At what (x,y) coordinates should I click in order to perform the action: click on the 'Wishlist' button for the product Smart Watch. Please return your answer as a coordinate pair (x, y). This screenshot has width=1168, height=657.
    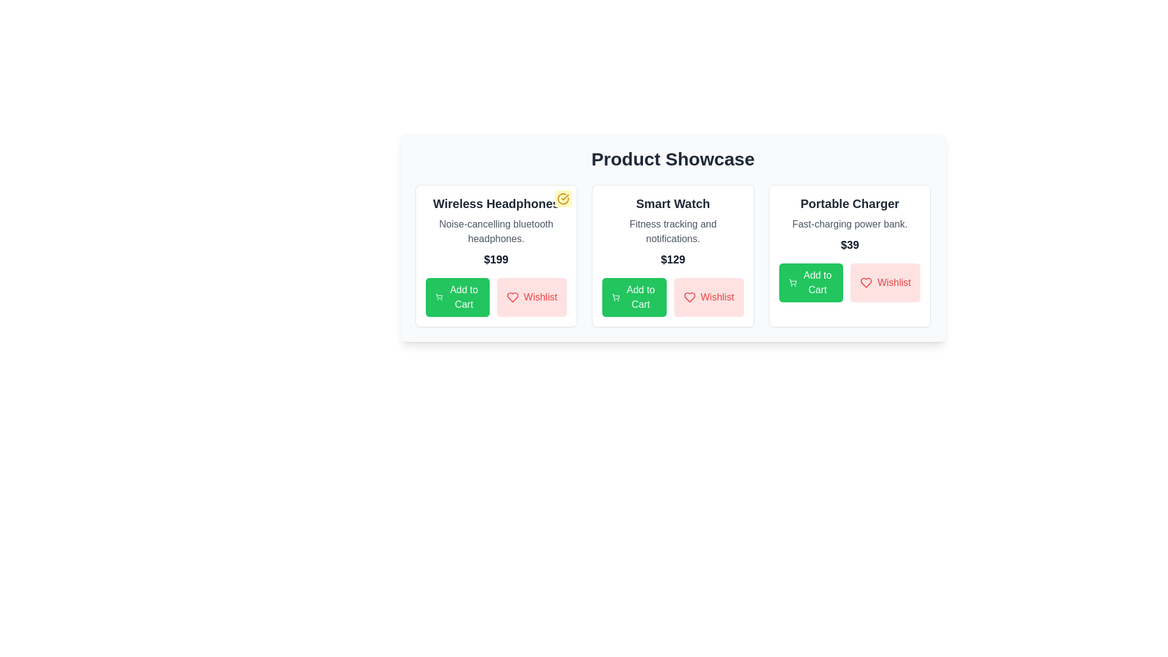
    Looking at the image, I should click on (709, 297).